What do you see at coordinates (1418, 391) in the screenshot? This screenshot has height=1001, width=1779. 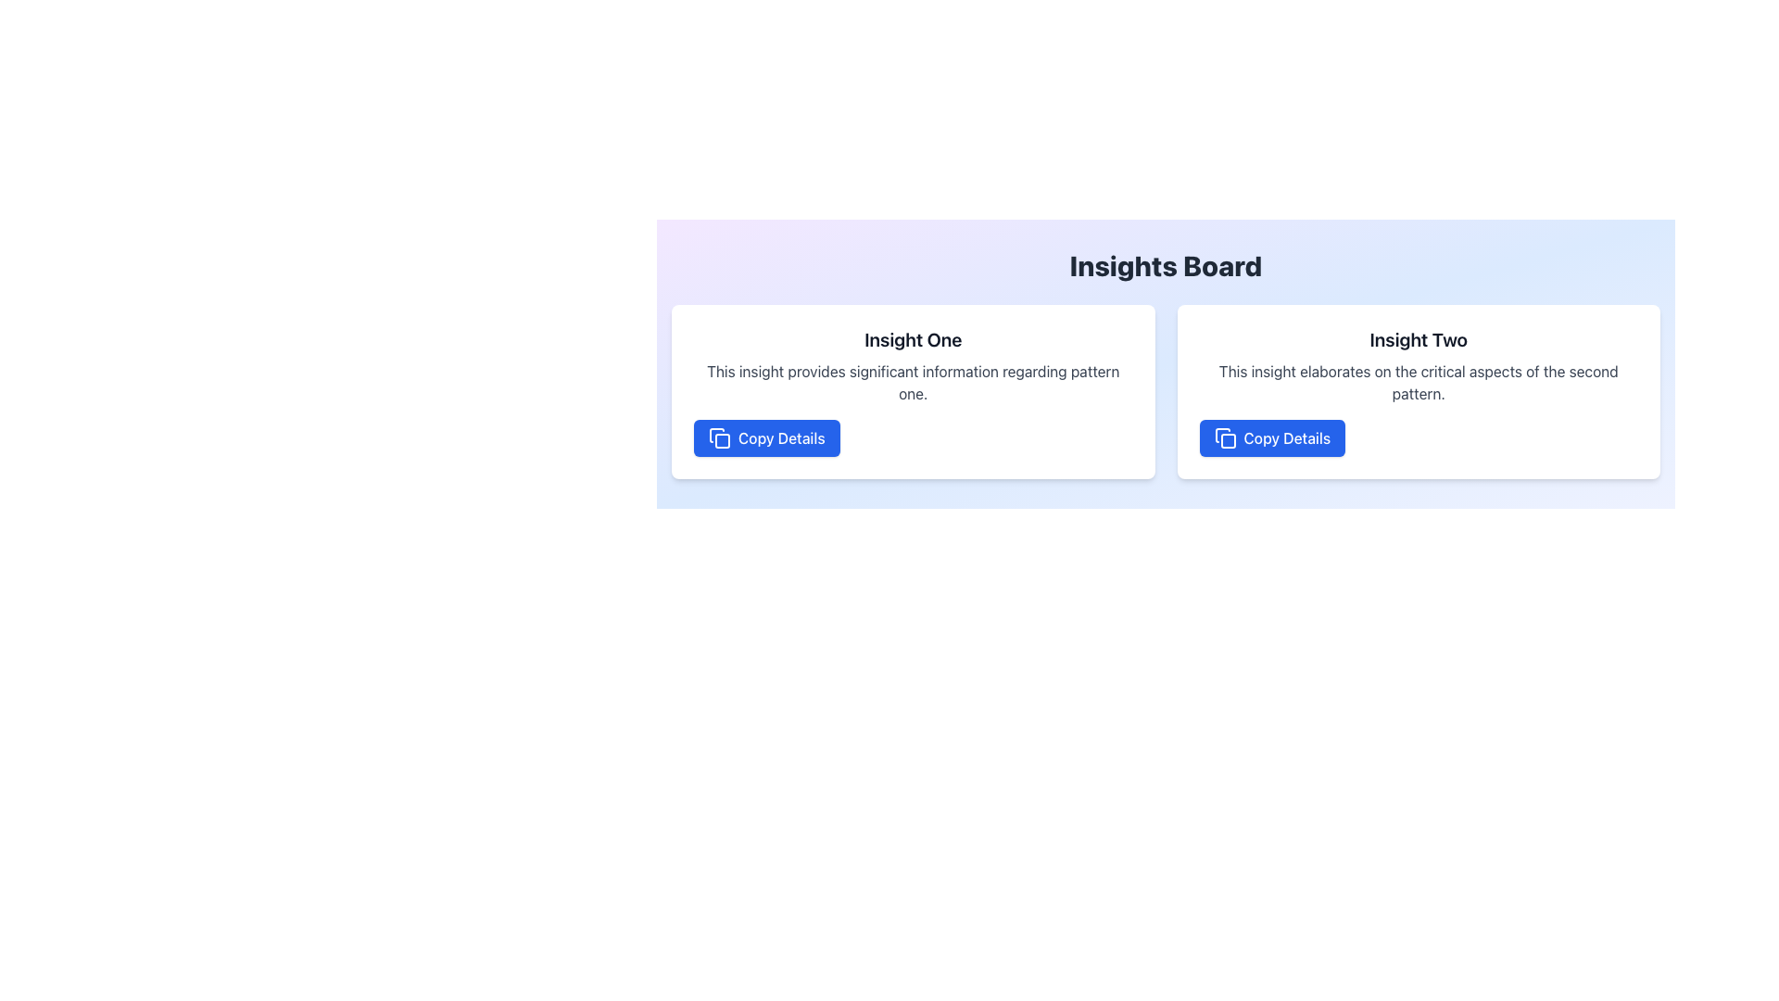 I see `title and description of the card component labeled 'Insight Two', which is located in the top-right corner of the grid` at bounding box center [1418, 391].